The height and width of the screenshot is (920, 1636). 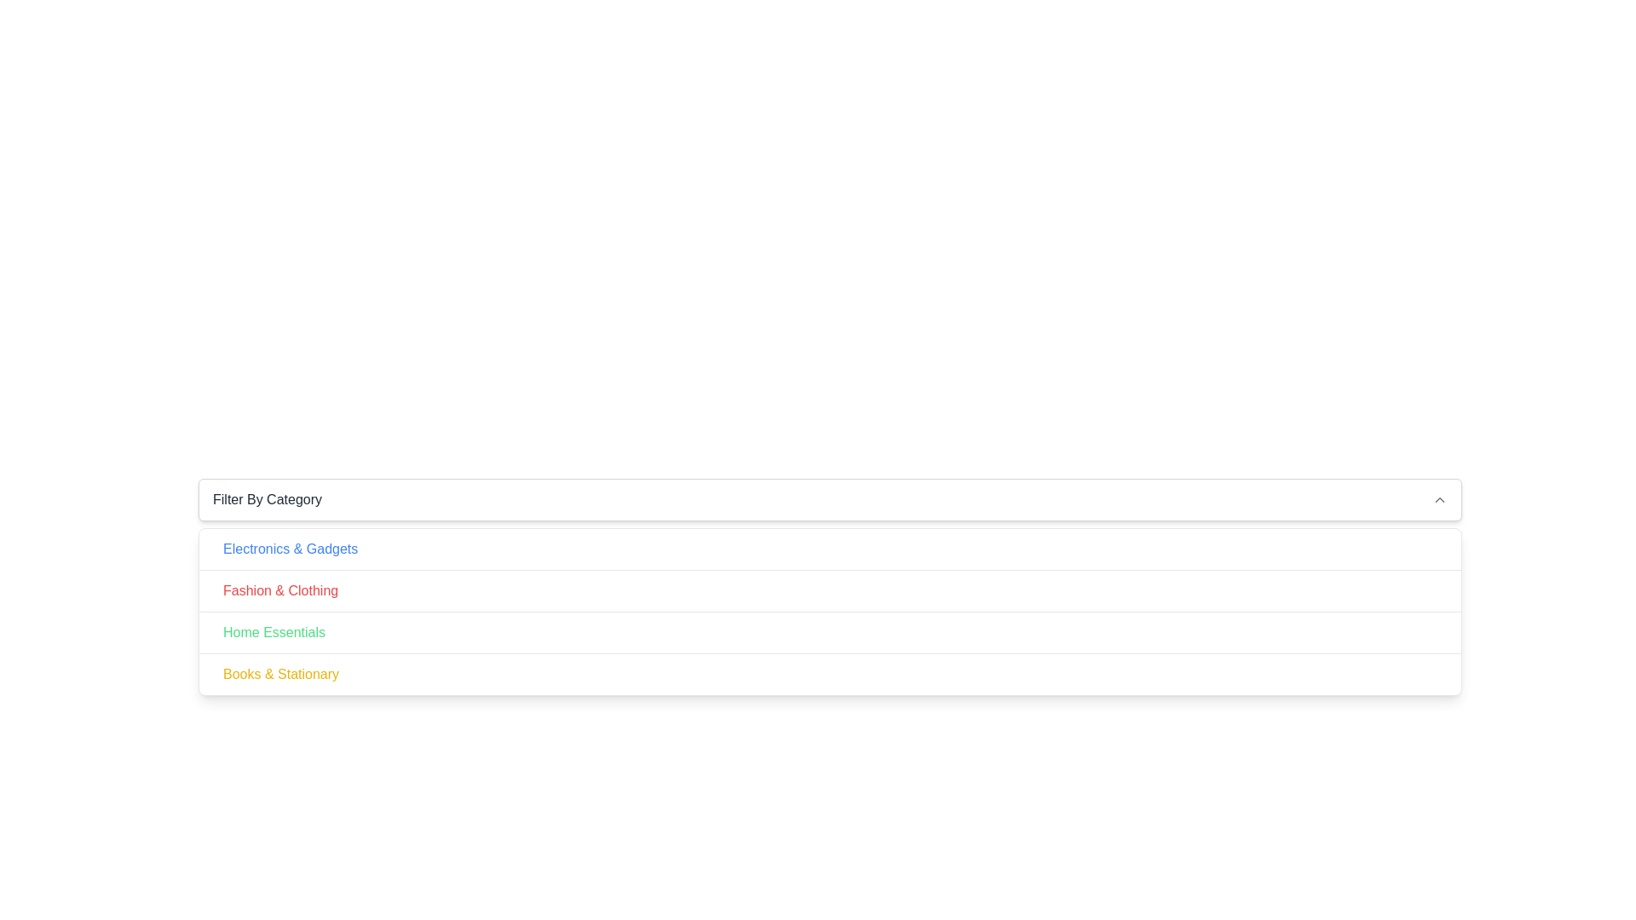 What do you see at coordinates (280, 590) in the screenshot?
I see `the 'Fashion & Clothing' category link, which is the second item in the vertical list under 'Filter By Category'` at bounding box center [280, 590].